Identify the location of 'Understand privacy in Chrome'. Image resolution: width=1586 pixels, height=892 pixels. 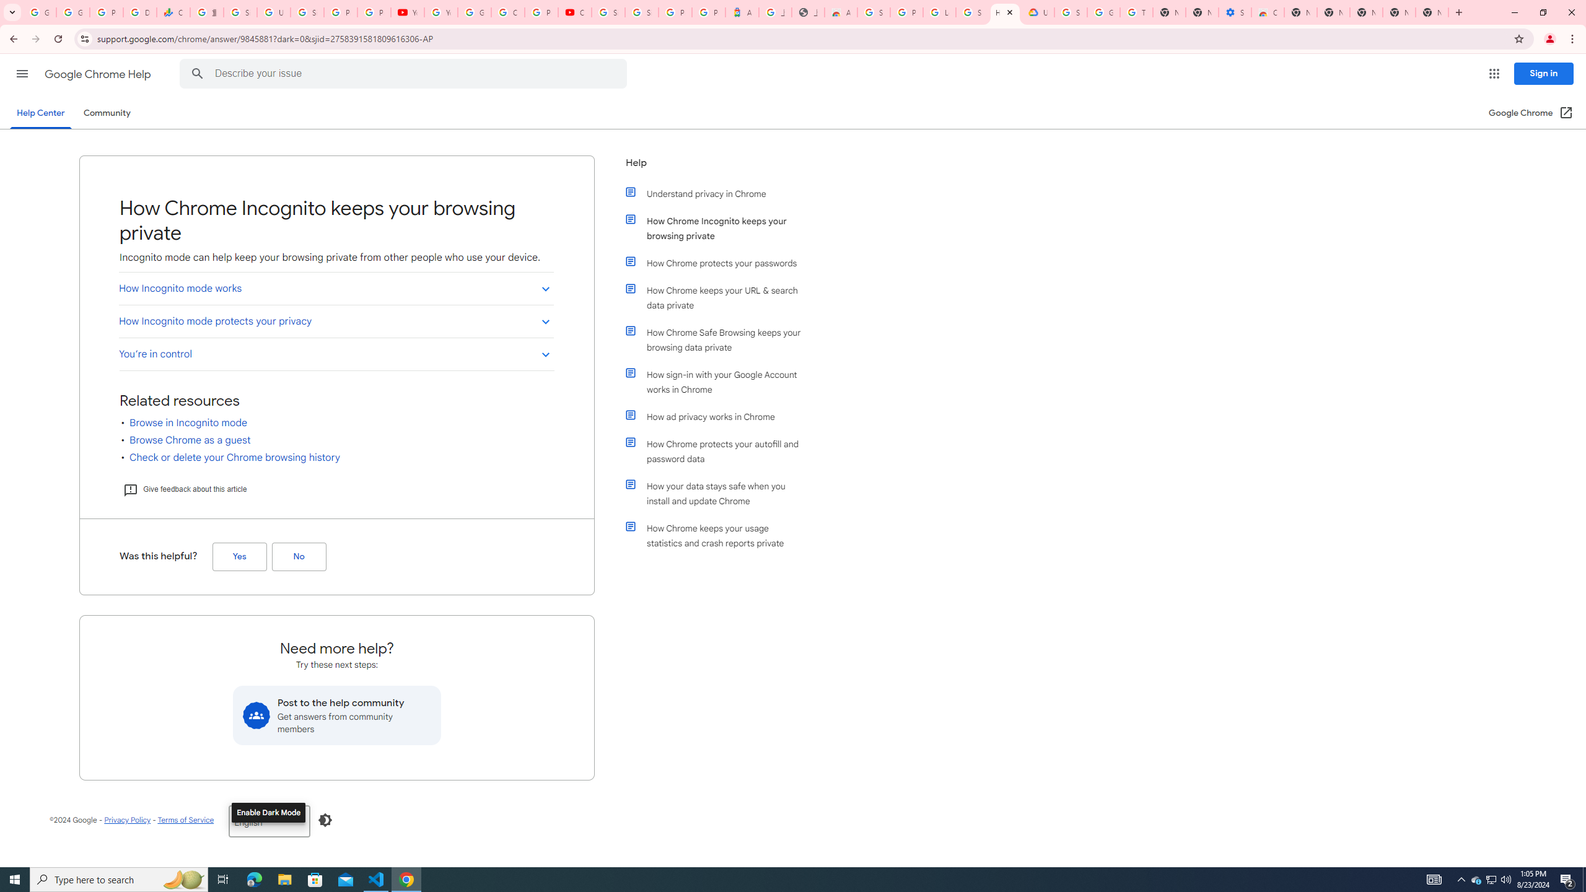
(720, 194).